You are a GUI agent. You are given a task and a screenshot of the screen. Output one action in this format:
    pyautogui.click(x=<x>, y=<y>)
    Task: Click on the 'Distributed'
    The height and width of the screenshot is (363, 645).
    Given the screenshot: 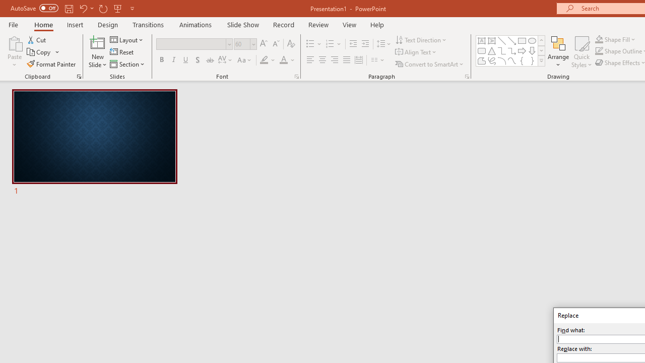 What is the action you would take?
    pyautogui.click(x=359, y=60)
    